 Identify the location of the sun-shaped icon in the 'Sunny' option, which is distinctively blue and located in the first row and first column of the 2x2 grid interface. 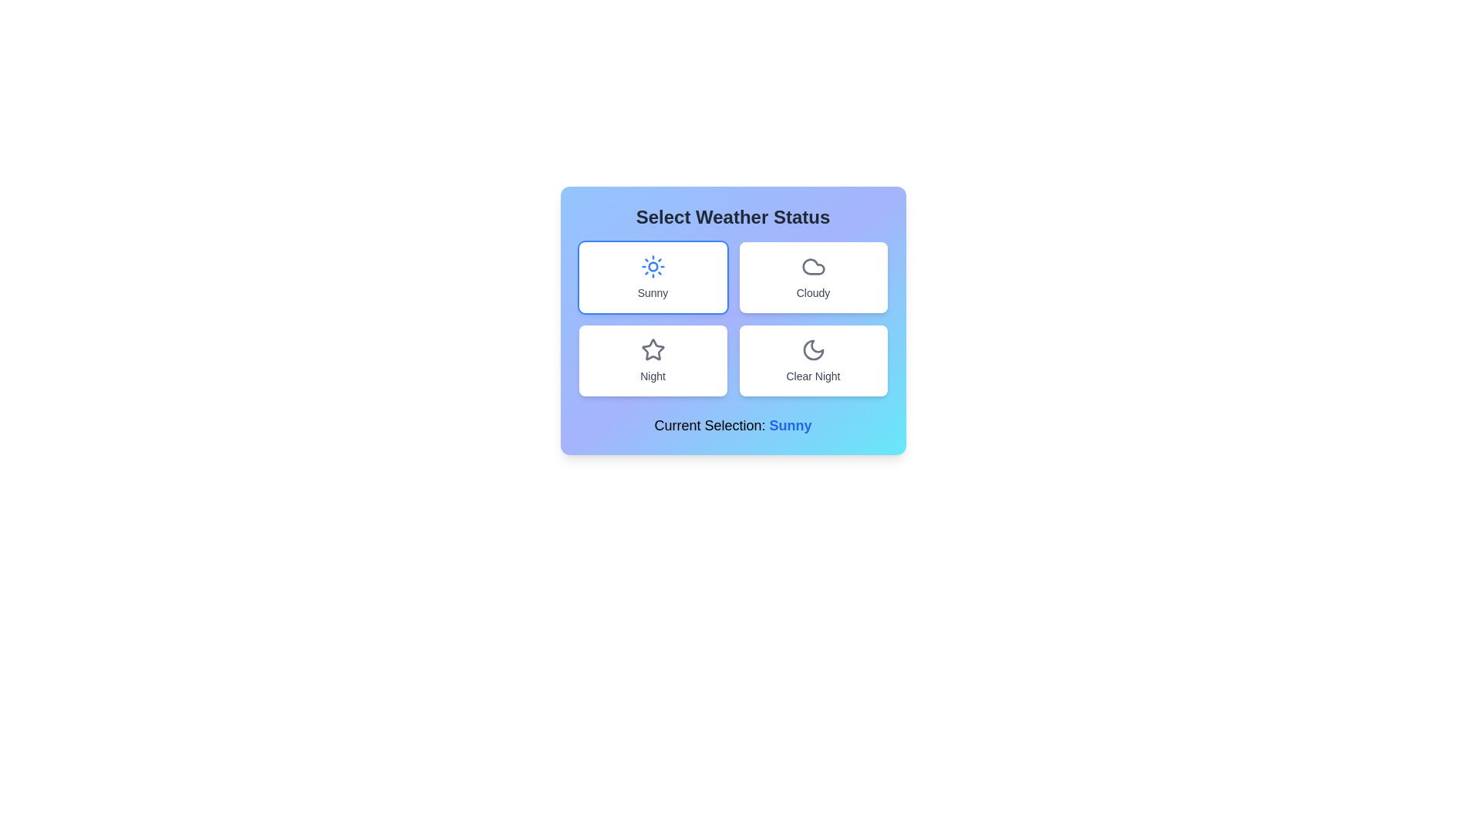
(653, 266).